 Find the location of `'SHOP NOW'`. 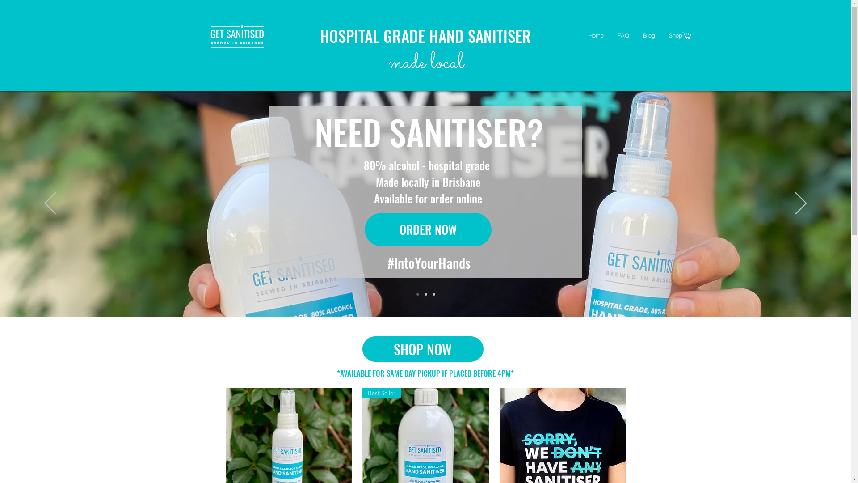

'SHOP NOW' is located at coordinates (422, 348).